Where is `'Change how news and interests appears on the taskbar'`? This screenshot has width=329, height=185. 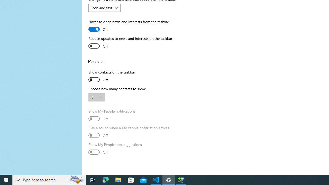 'Change how news and interests appears on the taskbar' is located at coordinates (104, 8).